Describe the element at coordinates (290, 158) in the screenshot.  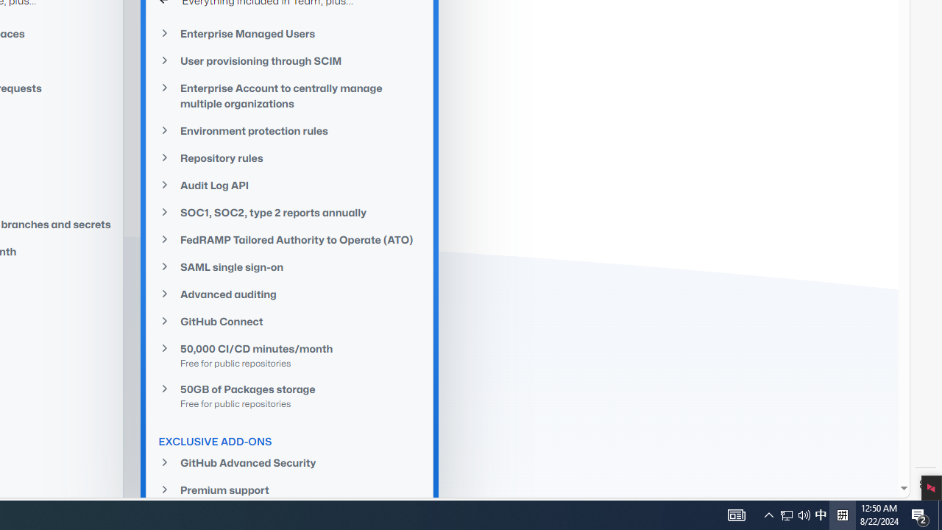
I see `'Repository rules'` at that location.